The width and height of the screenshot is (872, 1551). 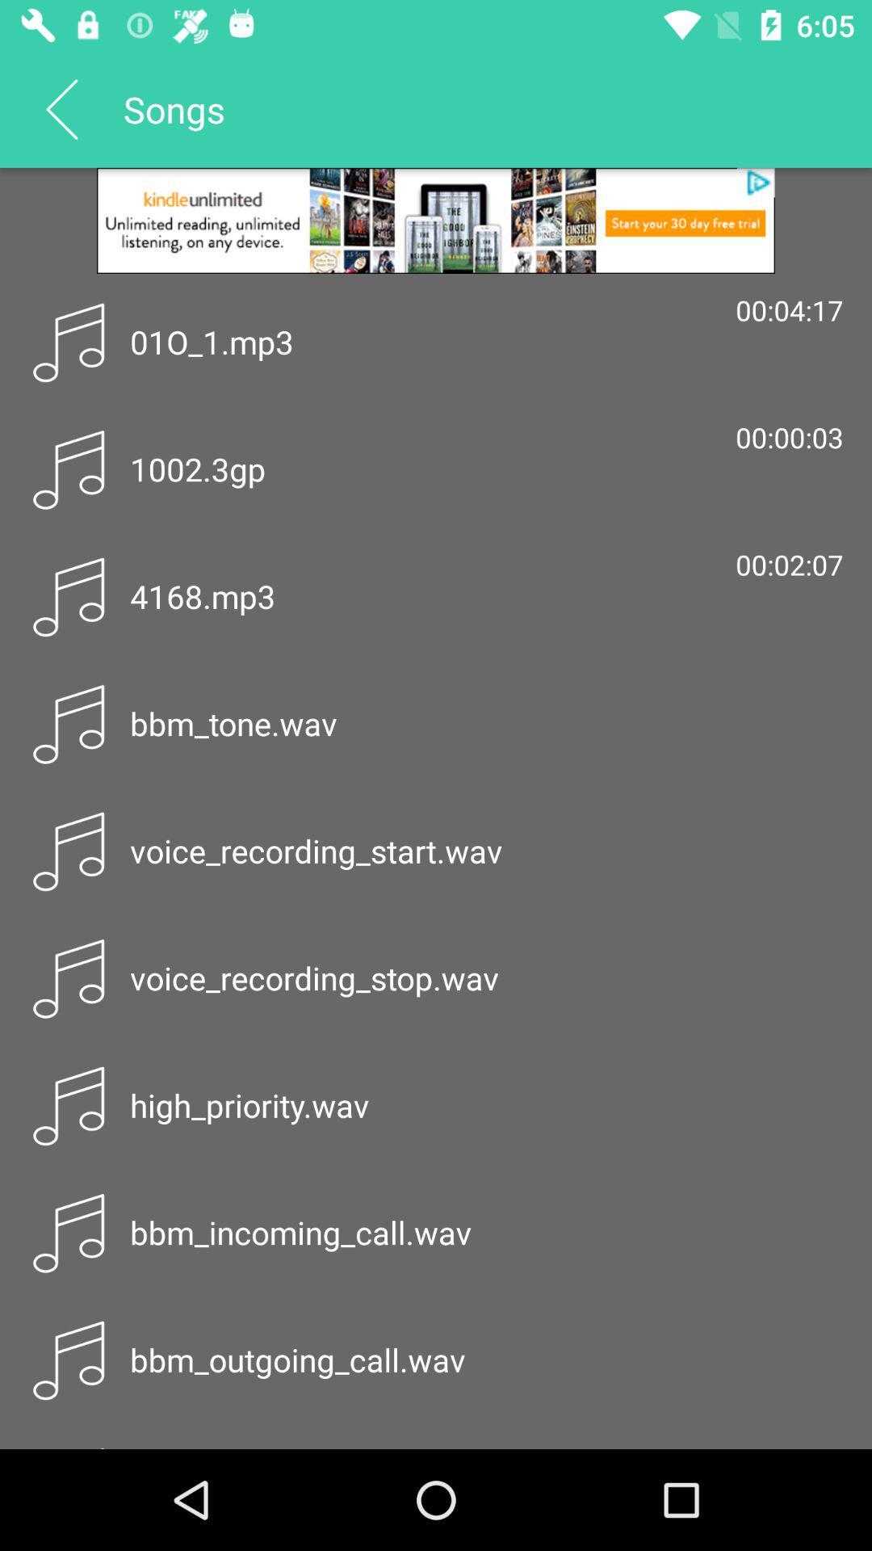 I want to click on previews button, so click(x=61, y=107).